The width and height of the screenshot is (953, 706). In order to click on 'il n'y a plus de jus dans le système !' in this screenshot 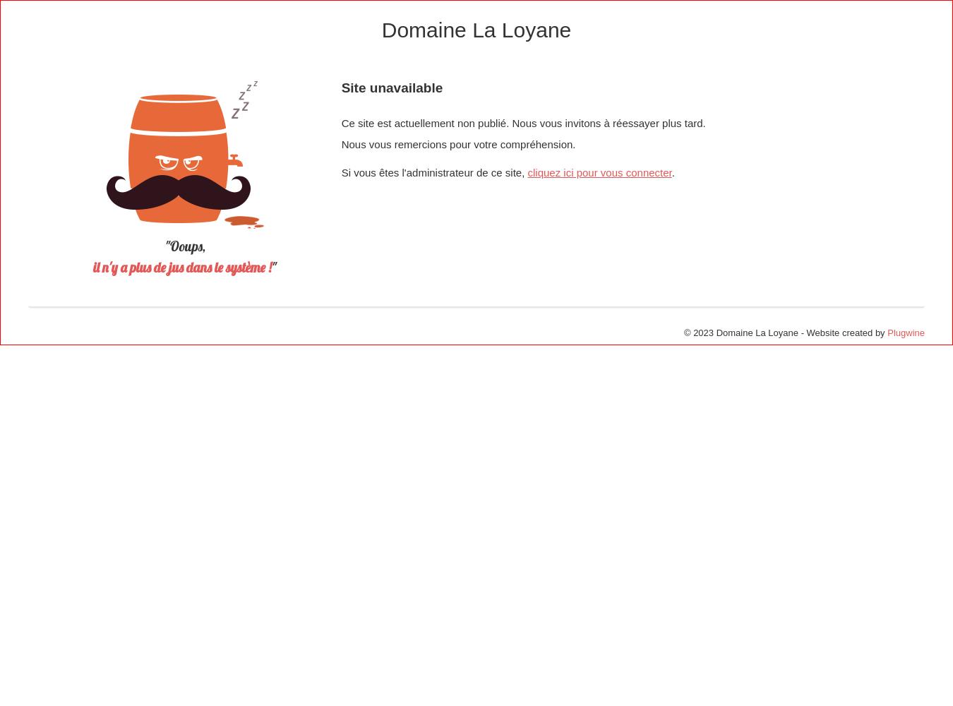, I will do `click(181, 268)`.